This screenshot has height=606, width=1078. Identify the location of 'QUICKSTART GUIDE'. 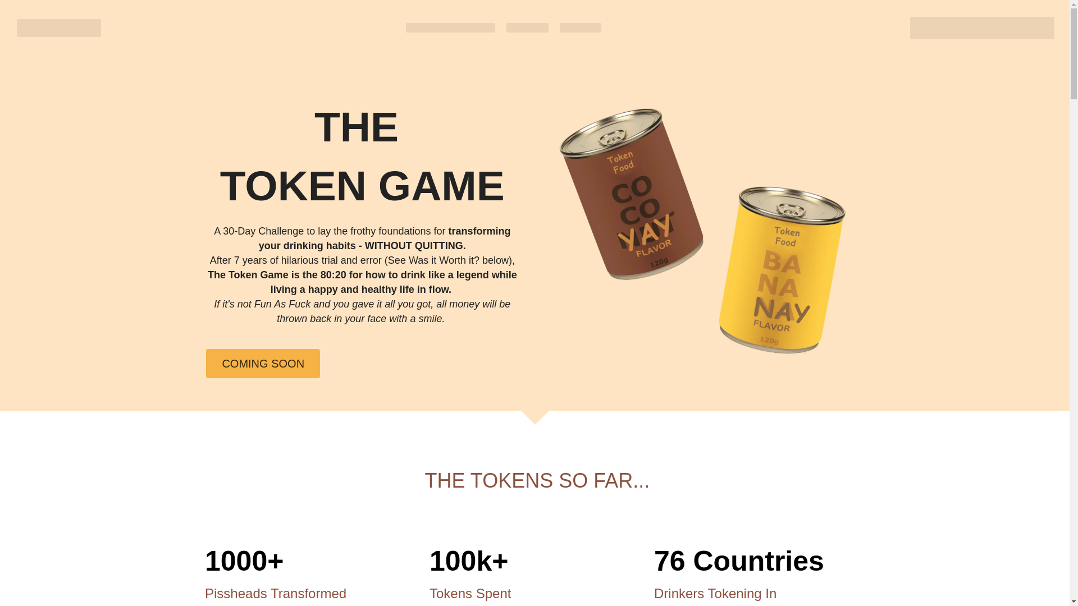
(450, 27).